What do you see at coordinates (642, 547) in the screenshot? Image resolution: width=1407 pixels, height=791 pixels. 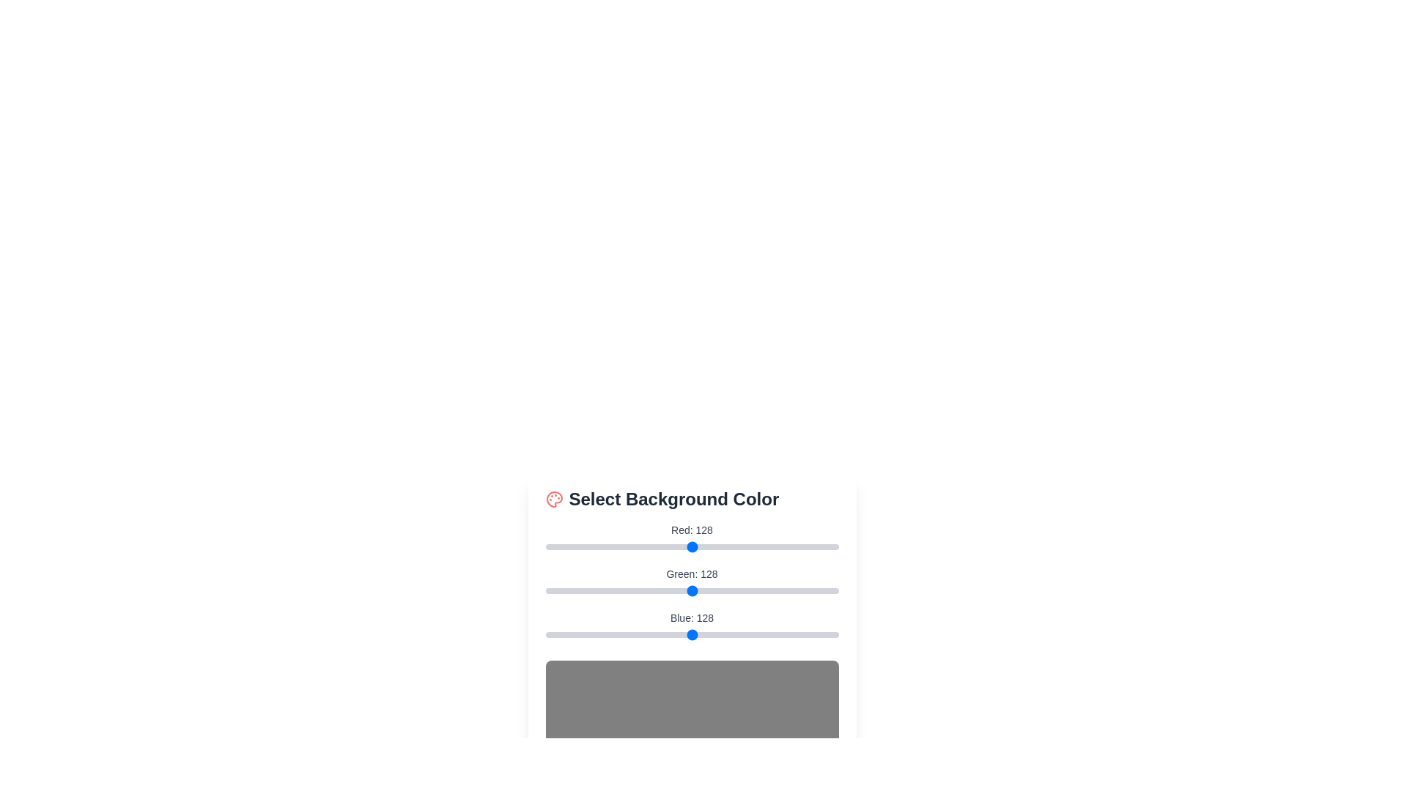 I see `the red slider to 84 to adjust the red component of the background color` at bounding box center [642, 547].